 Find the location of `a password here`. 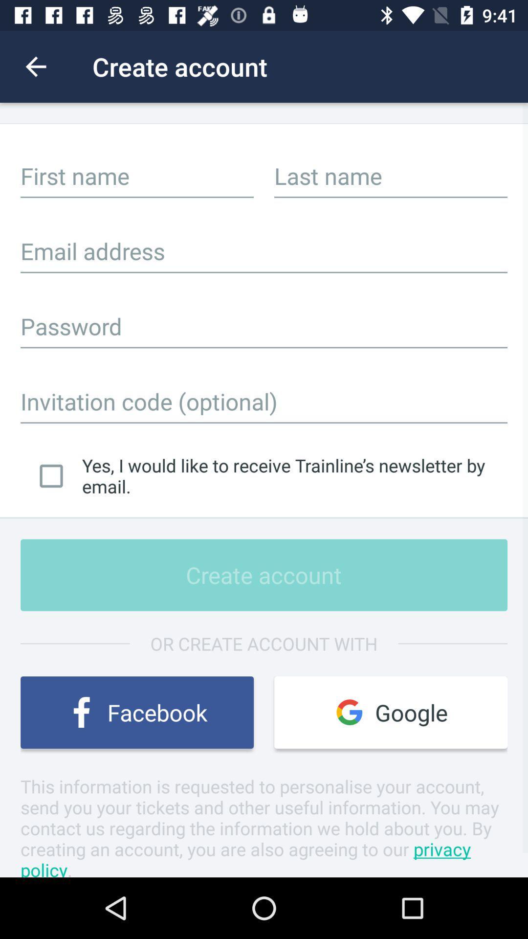

a password here is located at coordinates (264, 326).